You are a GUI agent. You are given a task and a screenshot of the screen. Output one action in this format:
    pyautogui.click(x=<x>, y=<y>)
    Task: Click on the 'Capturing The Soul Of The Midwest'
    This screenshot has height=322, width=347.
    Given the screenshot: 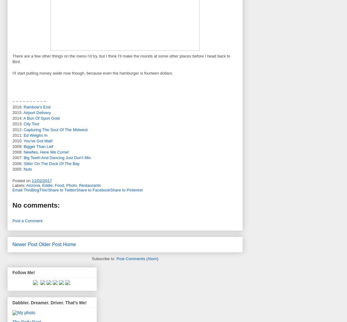 What is the action you would take?
    pyautogui.click(x=55, y=129)
    